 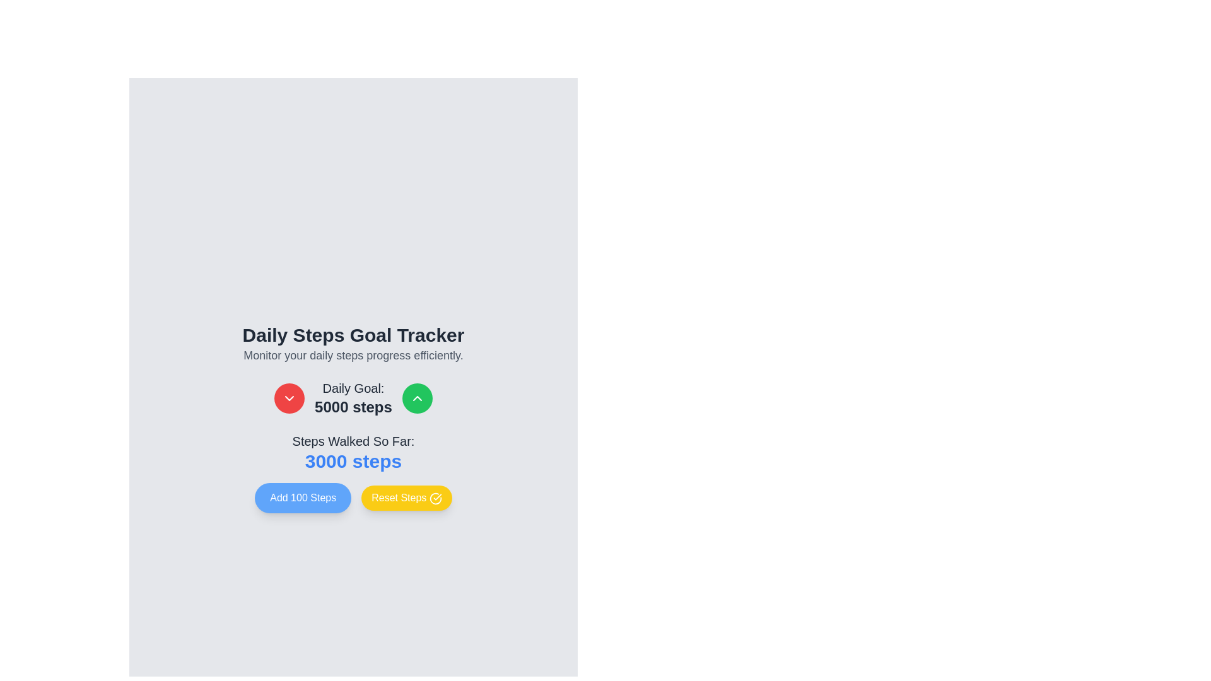 I want to click on the static text display that shows the user's daily step goal, which is centrally located between two circular buttons, one red with a downward arrow and one green with an upward arrow, so click(x=353, y=399).